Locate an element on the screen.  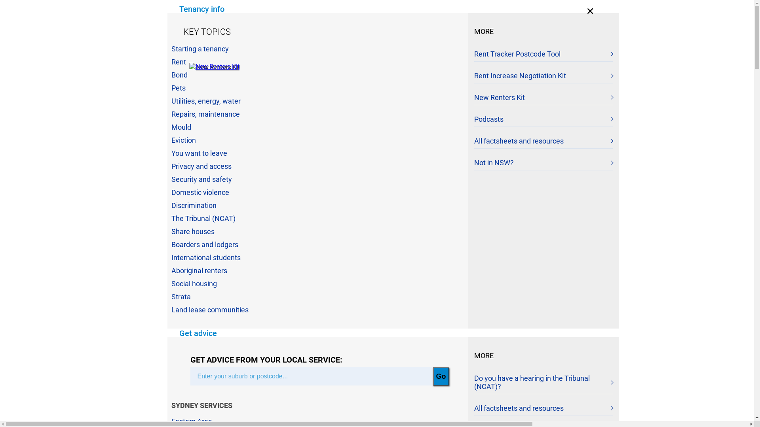
'Utilities, energy, water' is located at coordinates (205, 100).